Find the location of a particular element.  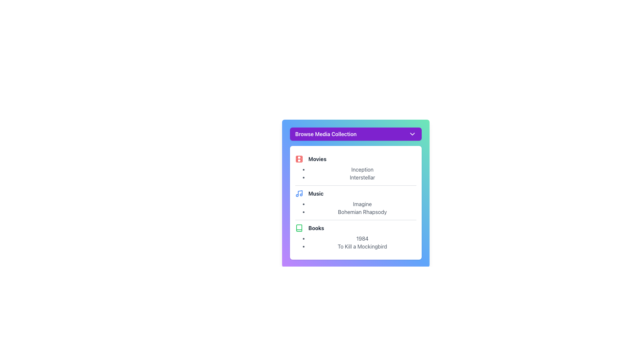

the 'Music' section of the Categorized content display panel labeled 'Browse Media Collection' which is centrally located and features a gradient design with sections for Movies, Music, and Books is located at coordinates (355, 193).